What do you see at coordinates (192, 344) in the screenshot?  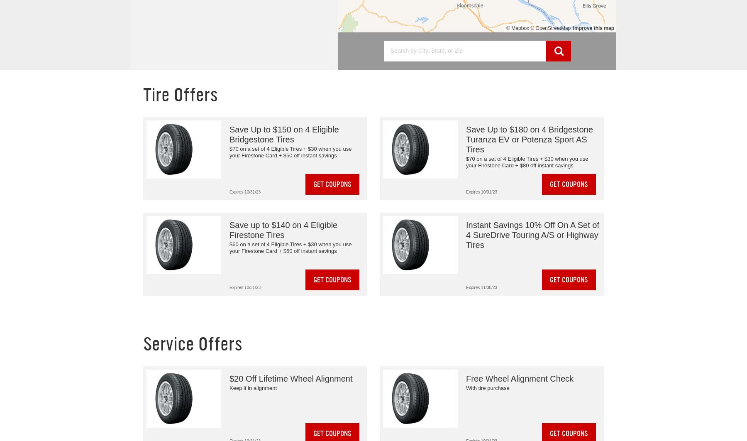 I see `'Service Offers'` at bounding box center [192, 344].